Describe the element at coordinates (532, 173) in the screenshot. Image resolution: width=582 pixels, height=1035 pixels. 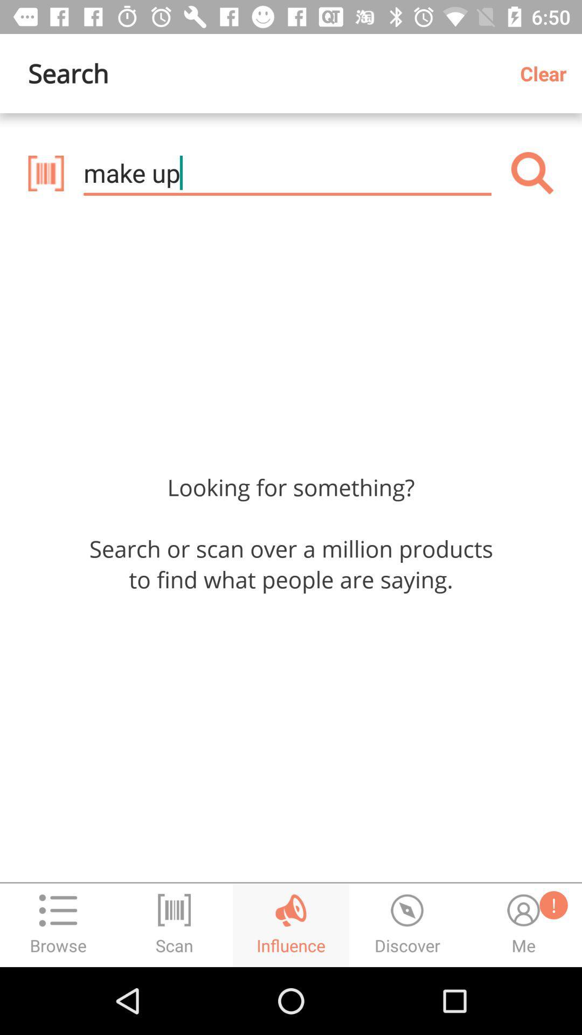
I see `the search icon` at that location.